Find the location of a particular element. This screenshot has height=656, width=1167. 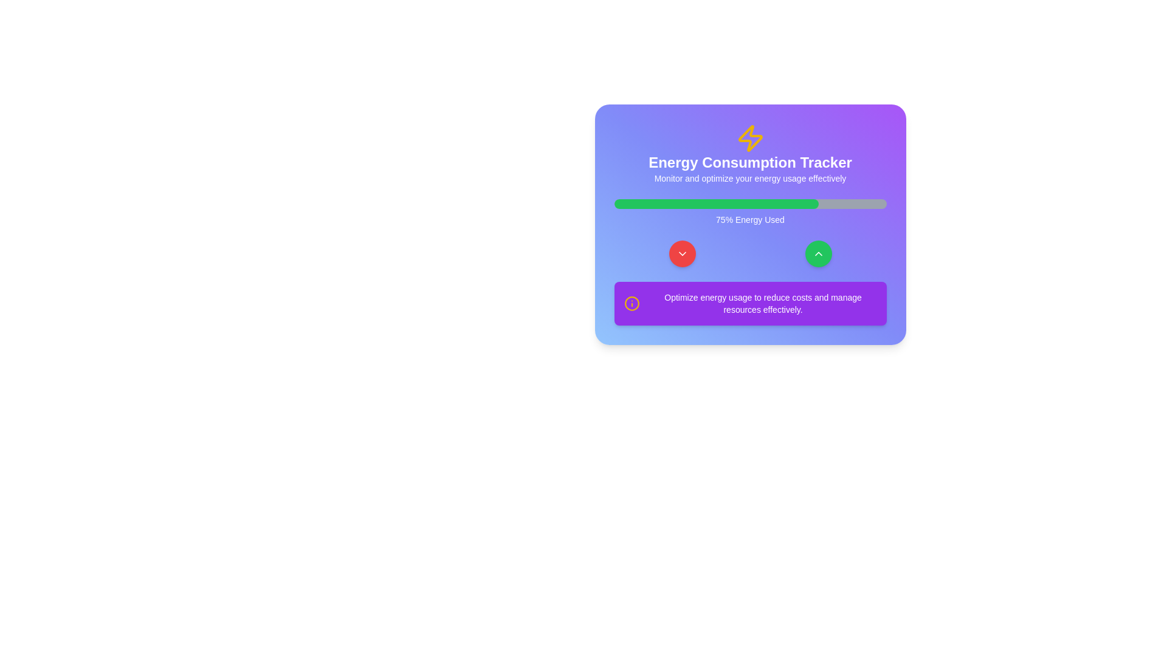

the Progress indicator bar that visually represents the consumption metric, located above the '75% Energy Used' label is located at coordinates (716, 203).